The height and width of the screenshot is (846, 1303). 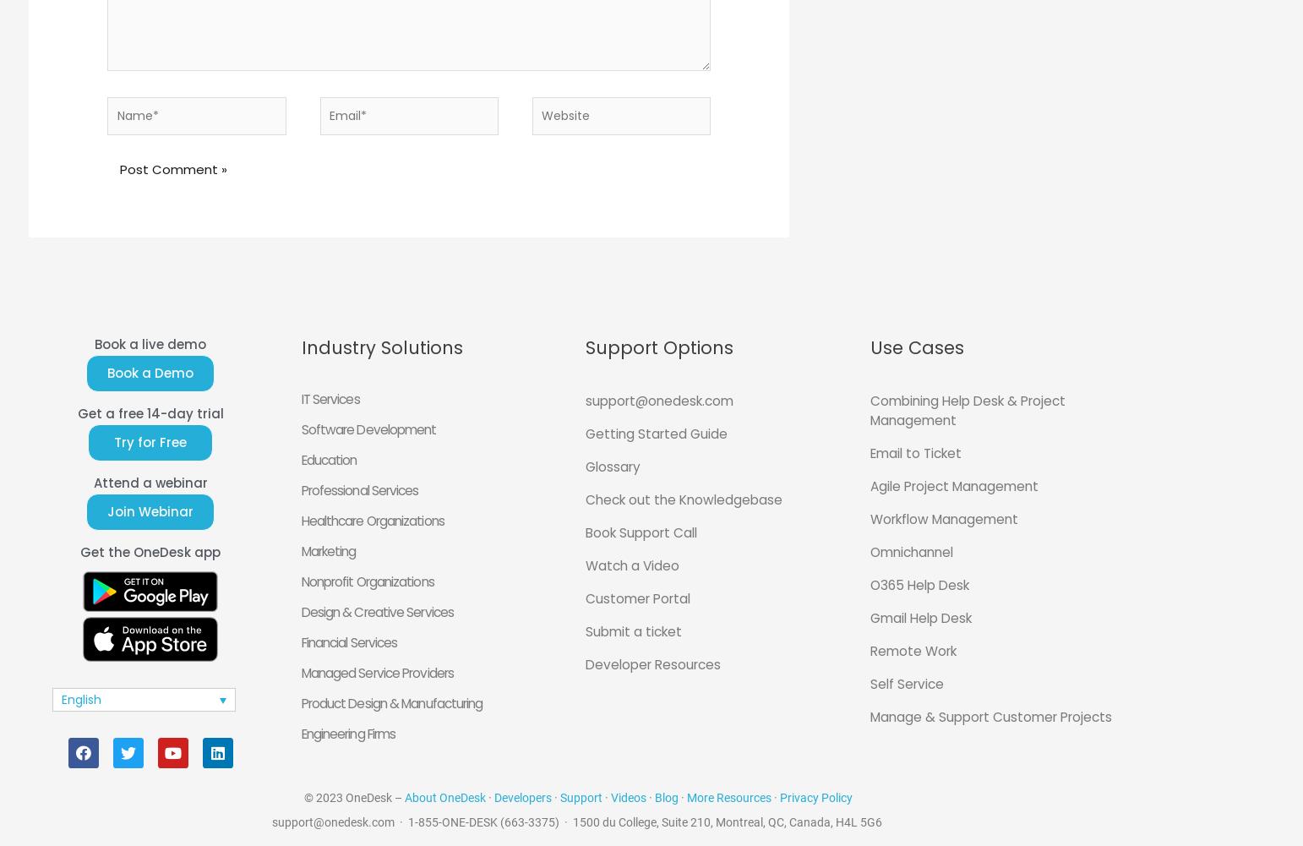 What do you see at coordinates (913, 452) in the screenshot?
I see `'Email to Ticket'` at bounding box center [913, 452].